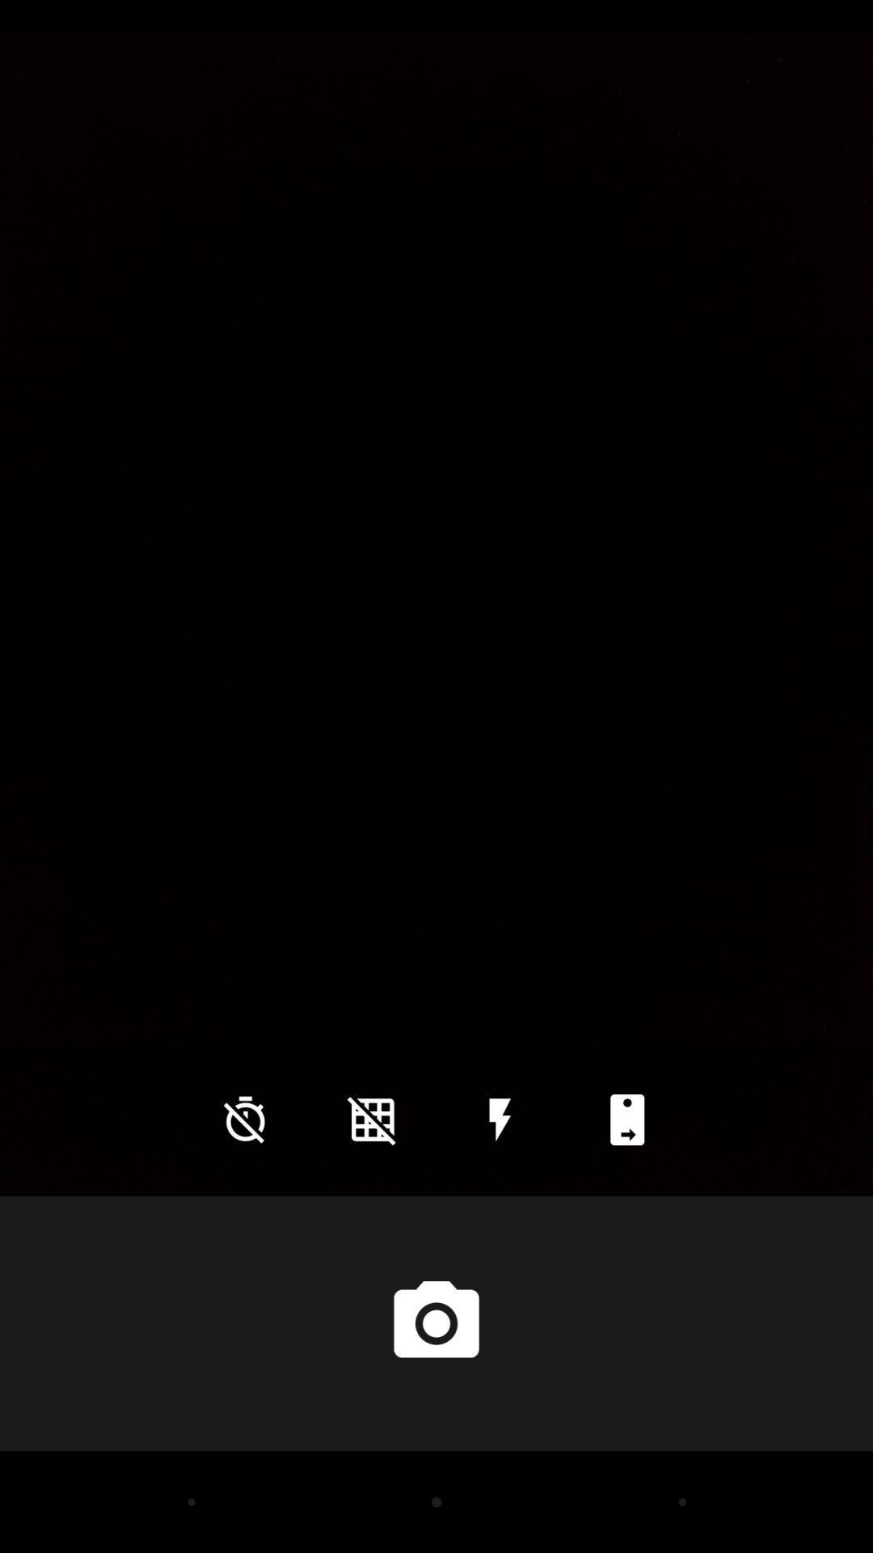  I want to click on the flash icon, so click(499, 1119).